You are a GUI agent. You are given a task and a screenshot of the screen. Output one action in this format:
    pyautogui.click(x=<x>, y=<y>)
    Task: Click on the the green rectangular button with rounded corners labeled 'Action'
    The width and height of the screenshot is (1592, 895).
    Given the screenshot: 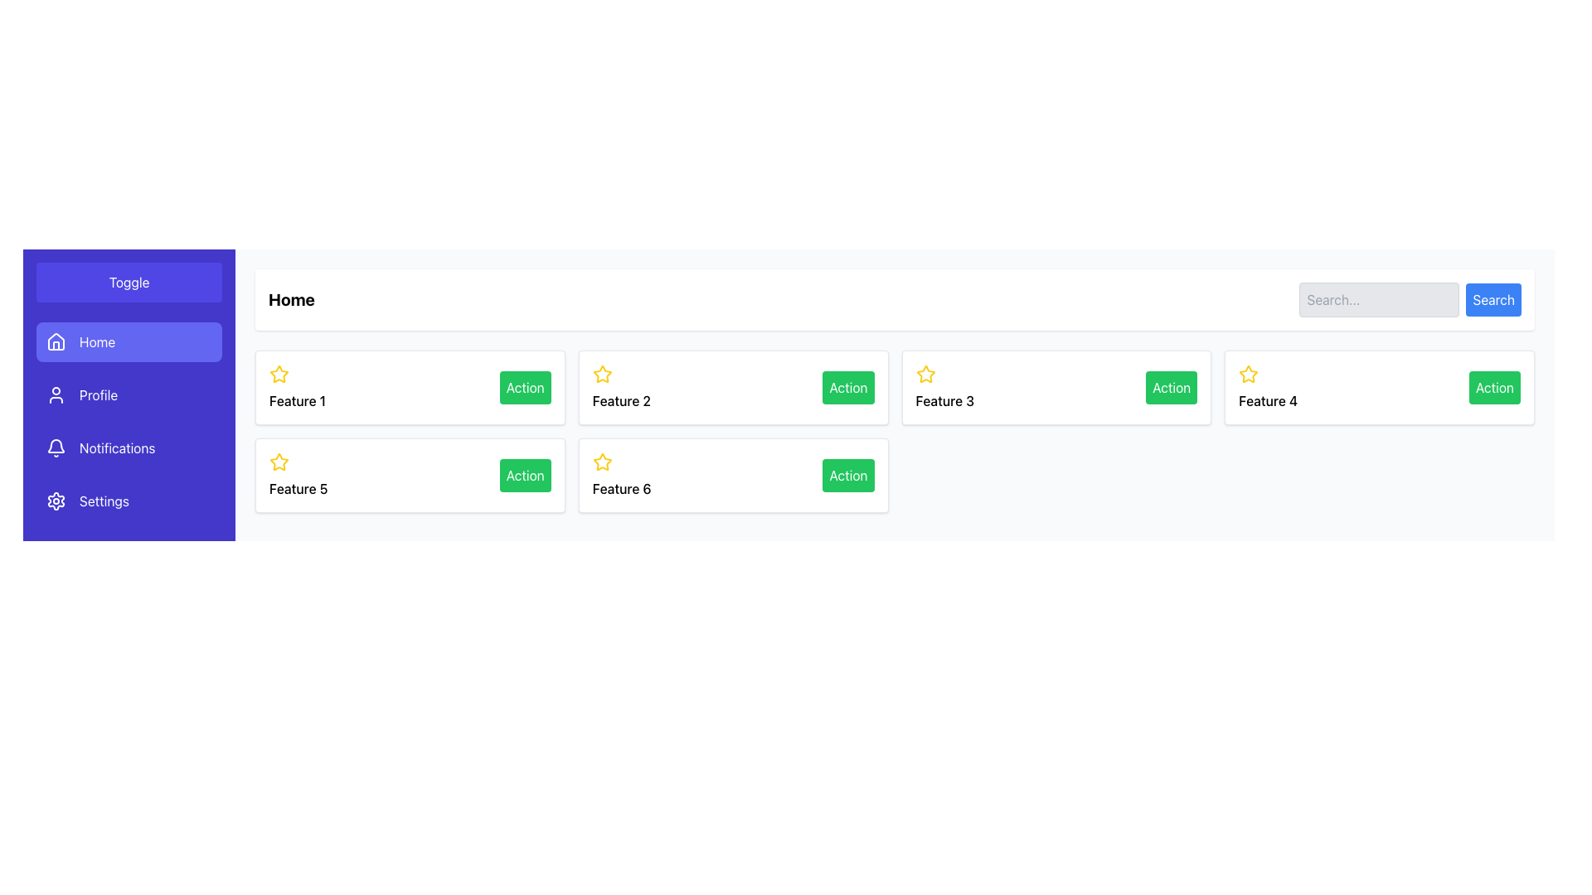 What is the action you would take?
    pyautogui.click(x=1494, y=387)
    